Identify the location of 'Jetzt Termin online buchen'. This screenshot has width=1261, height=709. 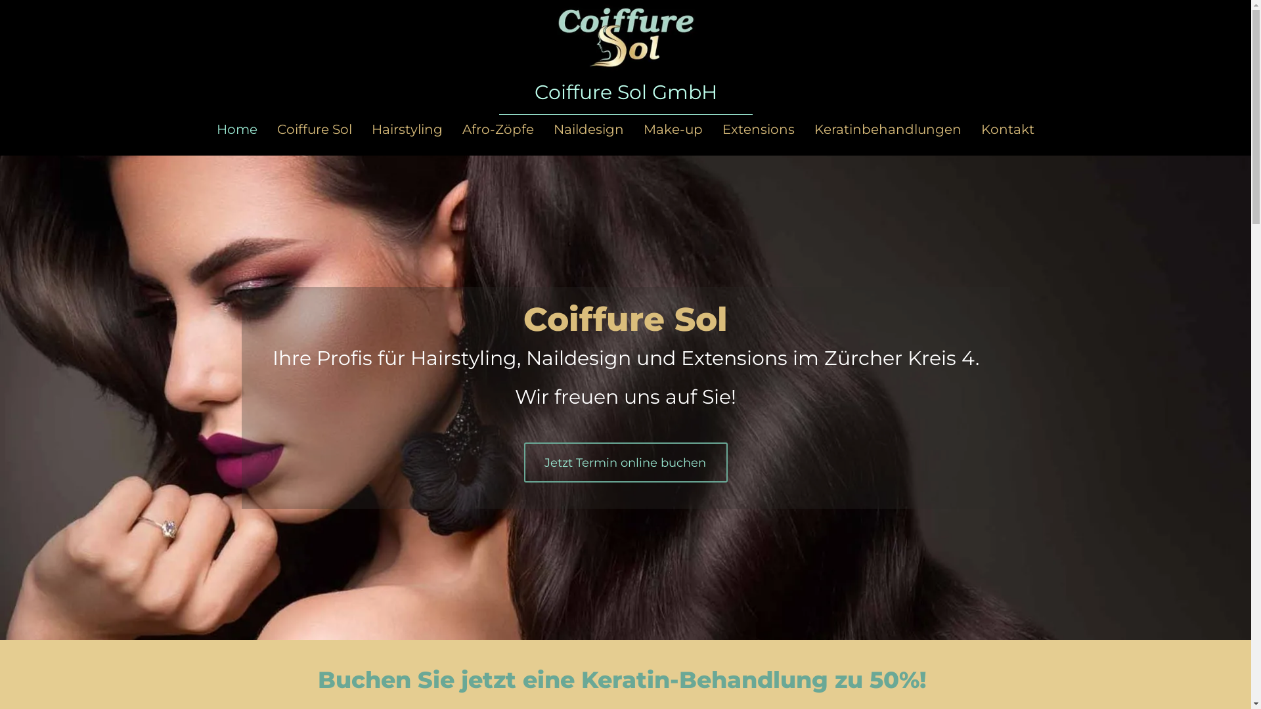
(625, 462).